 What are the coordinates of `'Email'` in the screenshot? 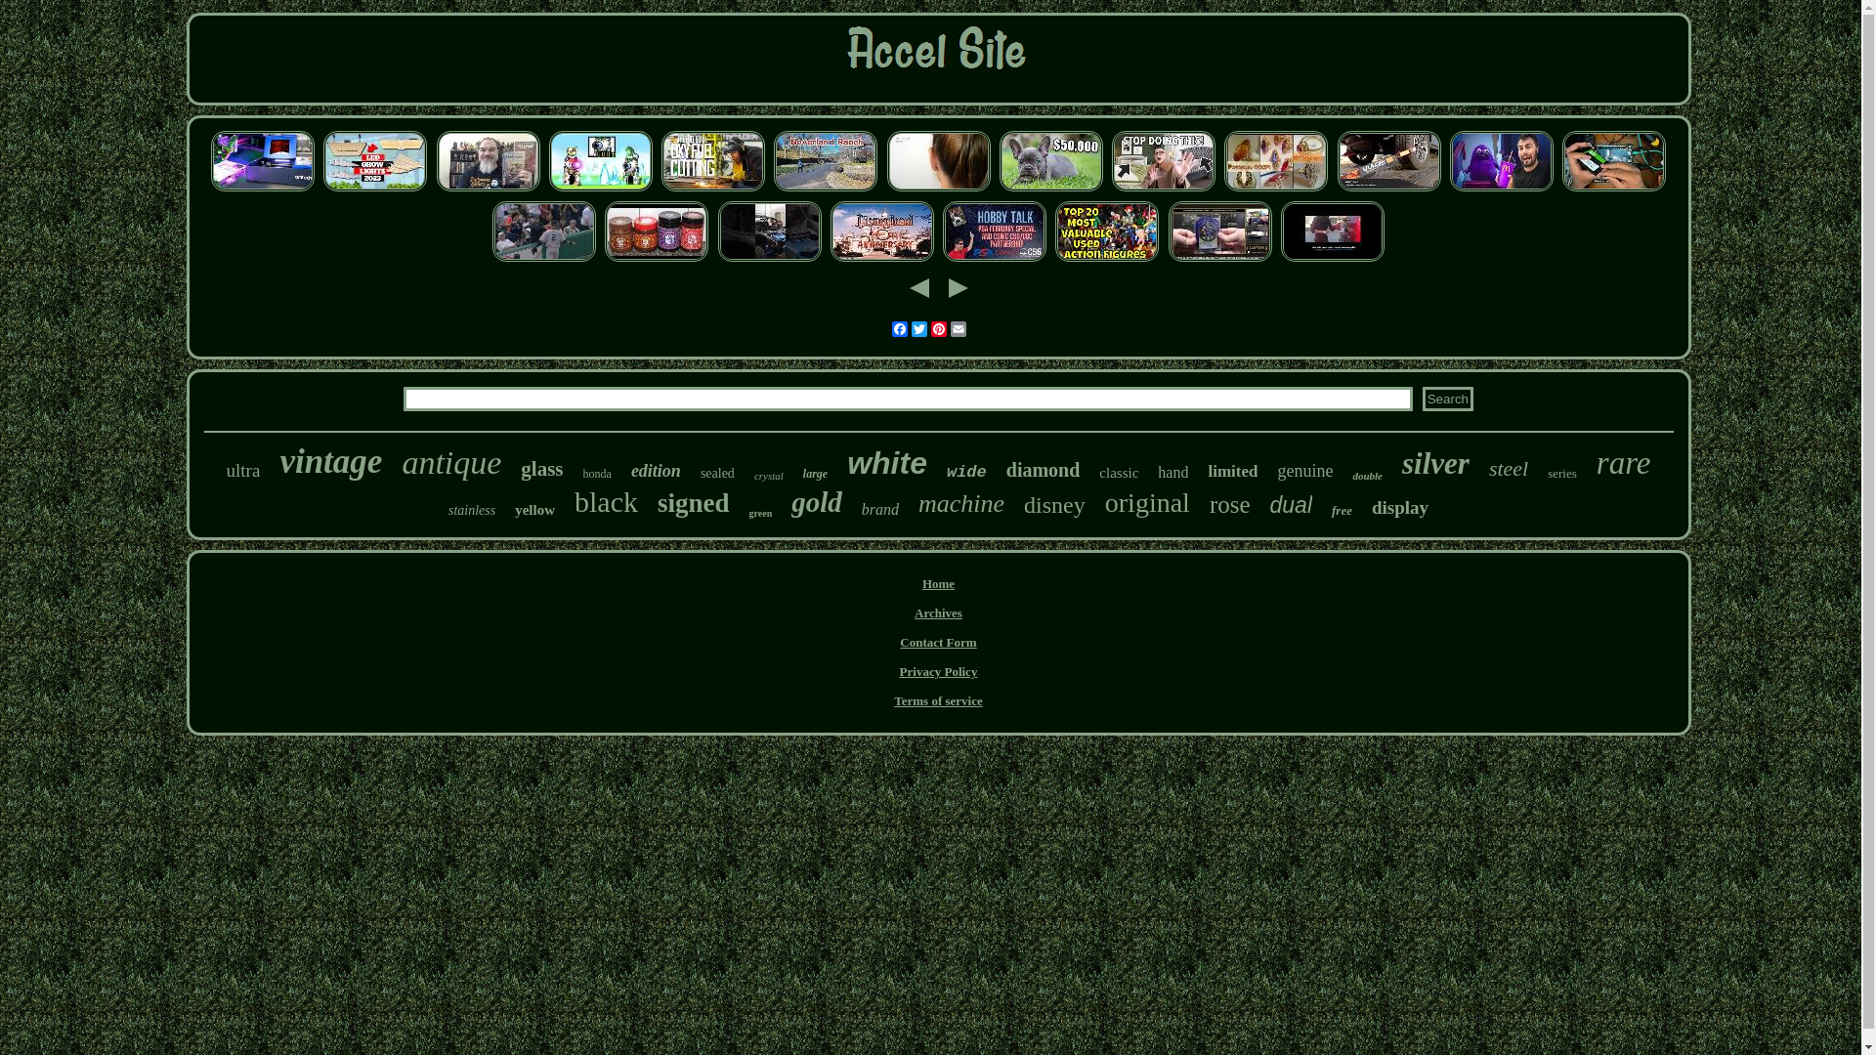 It's located at (957, 327).